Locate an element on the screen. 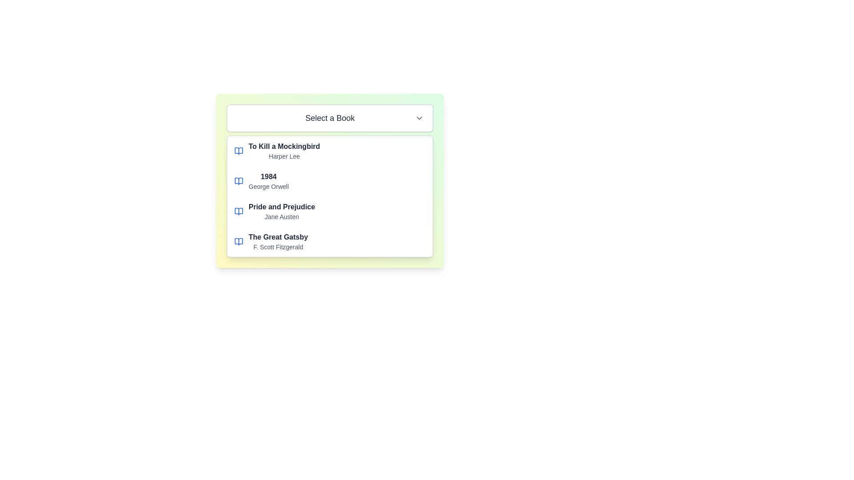 This screenshot has height=480, width=854. the text display element showing the title '1984' by George Orwell, which is the second item in the dropdown panel list is located at coordinates (268, 181).